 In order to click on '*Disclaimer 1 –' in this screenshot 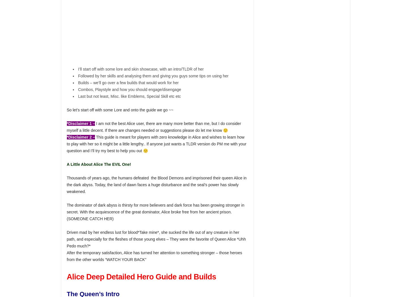, I will do `click(66, 123)`.